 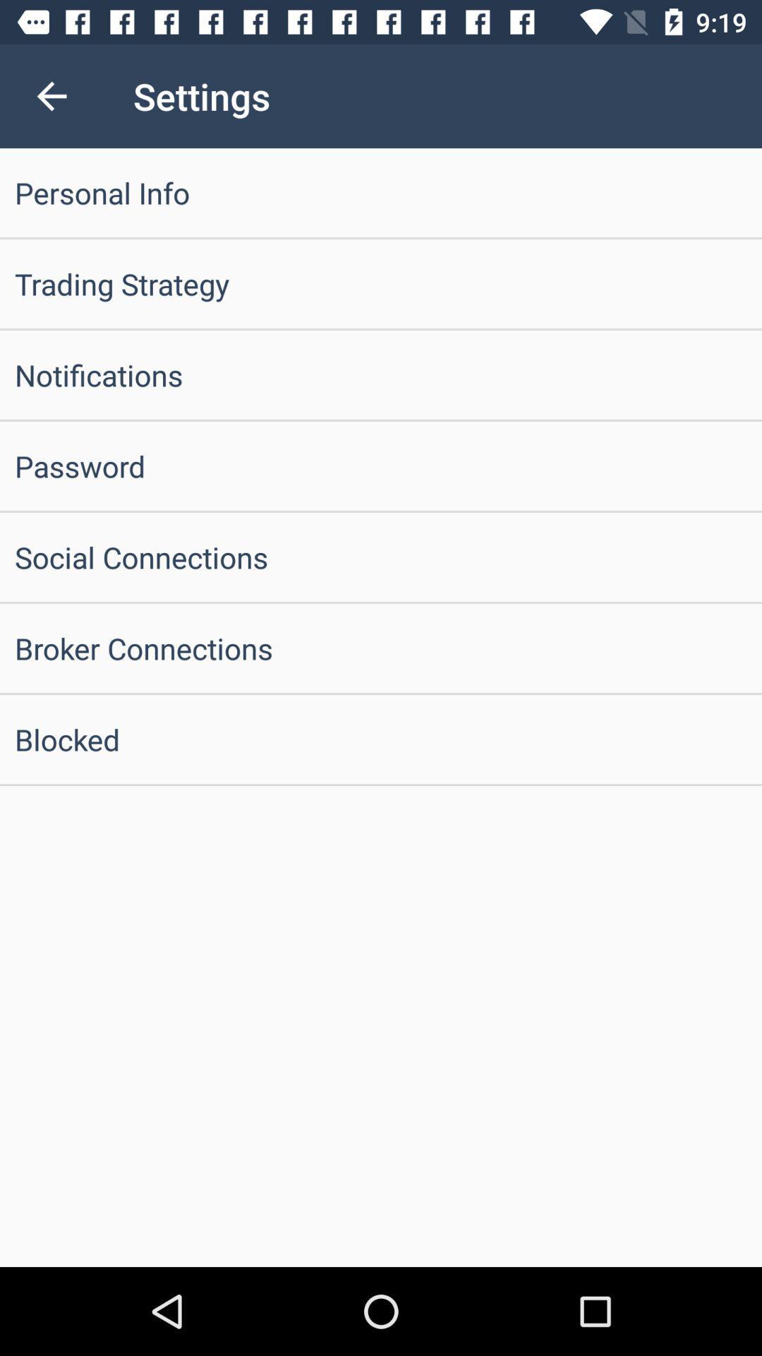 I want to click on trading strategy icon, so click(x=381, y=283).